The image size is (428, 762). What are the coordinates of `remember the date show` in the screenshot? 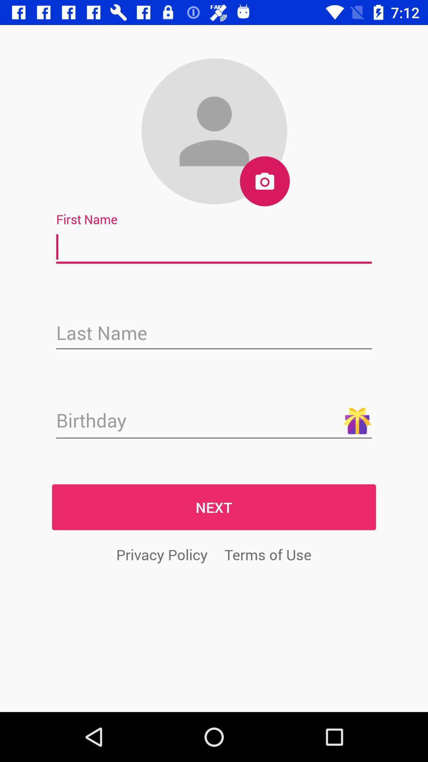 It's located at (214, 421).